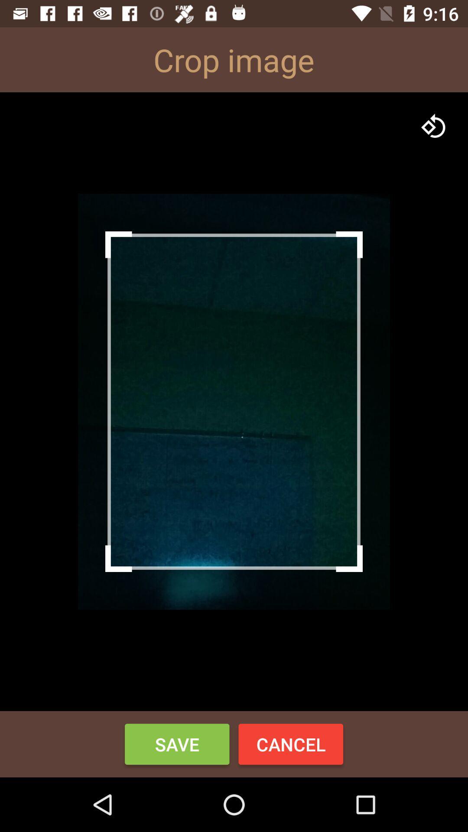 The width and height of the screenshot is (468, 832). What do you see at coordinates (291, 744) in the screenshot?
I see `the button to the right of save` at bounding box center [291, 744].